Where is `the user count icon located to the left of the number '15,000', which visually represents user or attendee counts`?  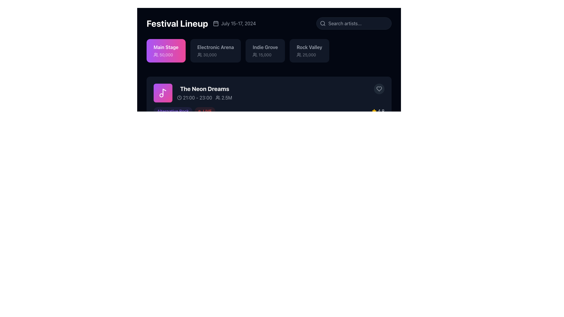
the user count icon located to the left of the number '15,000', which visually represents user or attendee counts is located at coordinates (255, 55).